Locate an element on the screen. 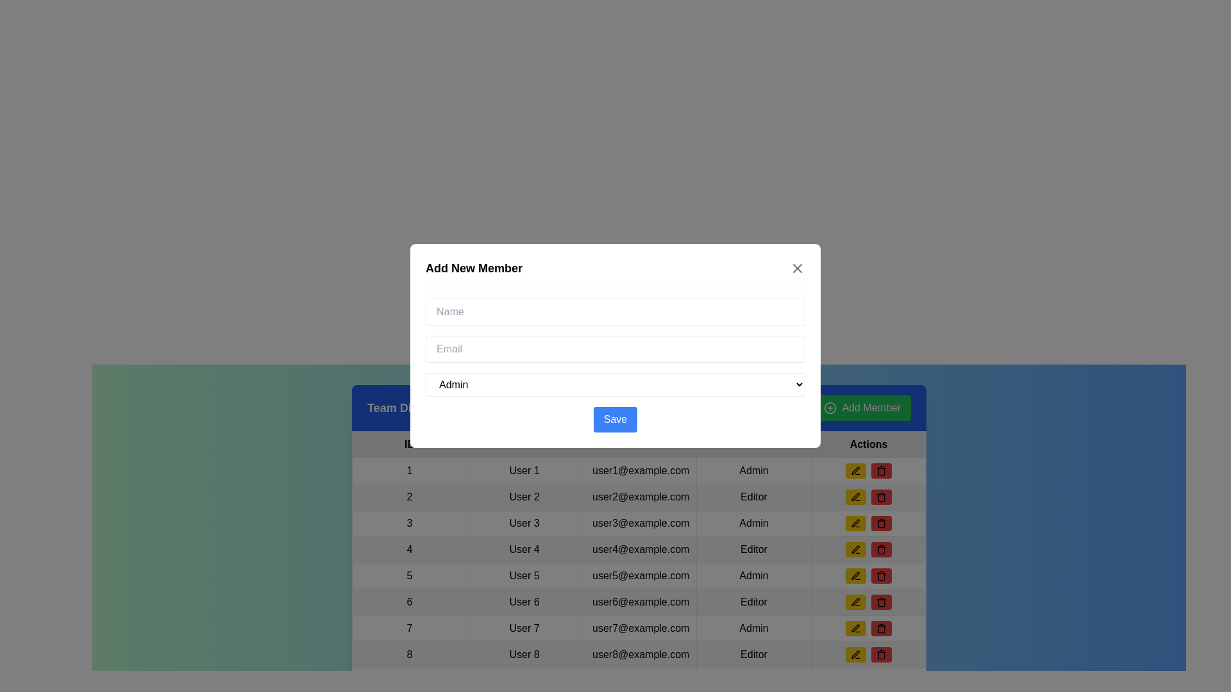 This screenshot has height=692, width=1231. the close button represented by an 'X' icon in the top-right corner of the modal header is located at coordinates (796, 268).